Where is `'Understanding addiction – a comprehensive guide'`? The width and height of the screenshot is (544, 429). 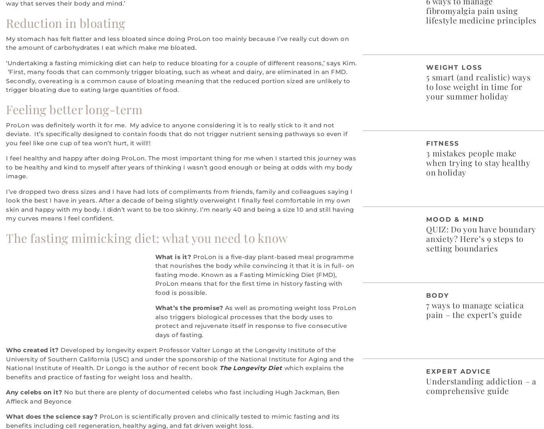
'Understanding addiction – a comprehensive guide' is located at coordinates (481, 385).